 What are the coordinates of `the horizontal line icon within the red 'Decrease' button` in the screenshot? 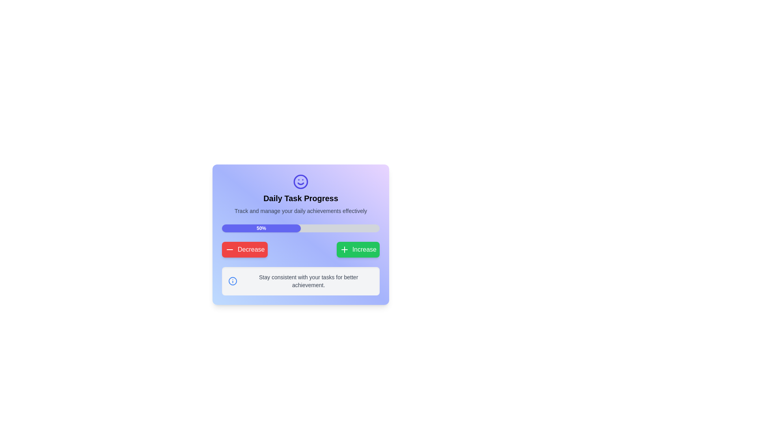 It's located at (229, 249).